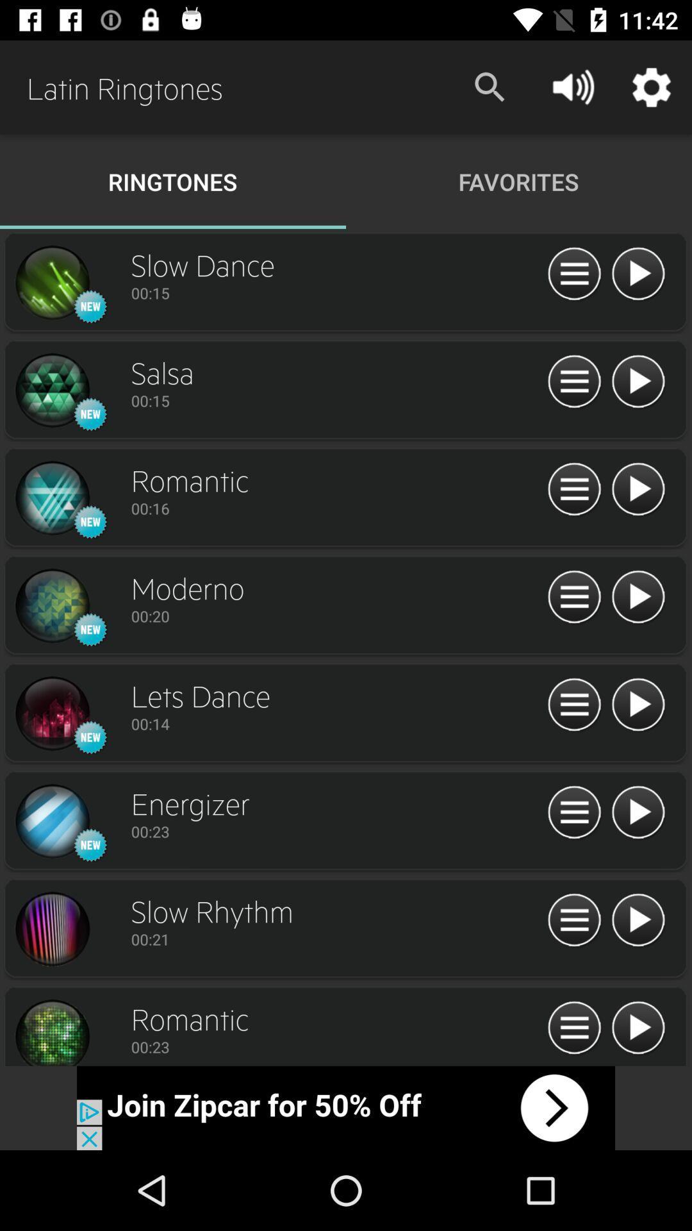 This screenshot has width=692, height=1231. I want to click on the text above 0020, so click(335, 587).